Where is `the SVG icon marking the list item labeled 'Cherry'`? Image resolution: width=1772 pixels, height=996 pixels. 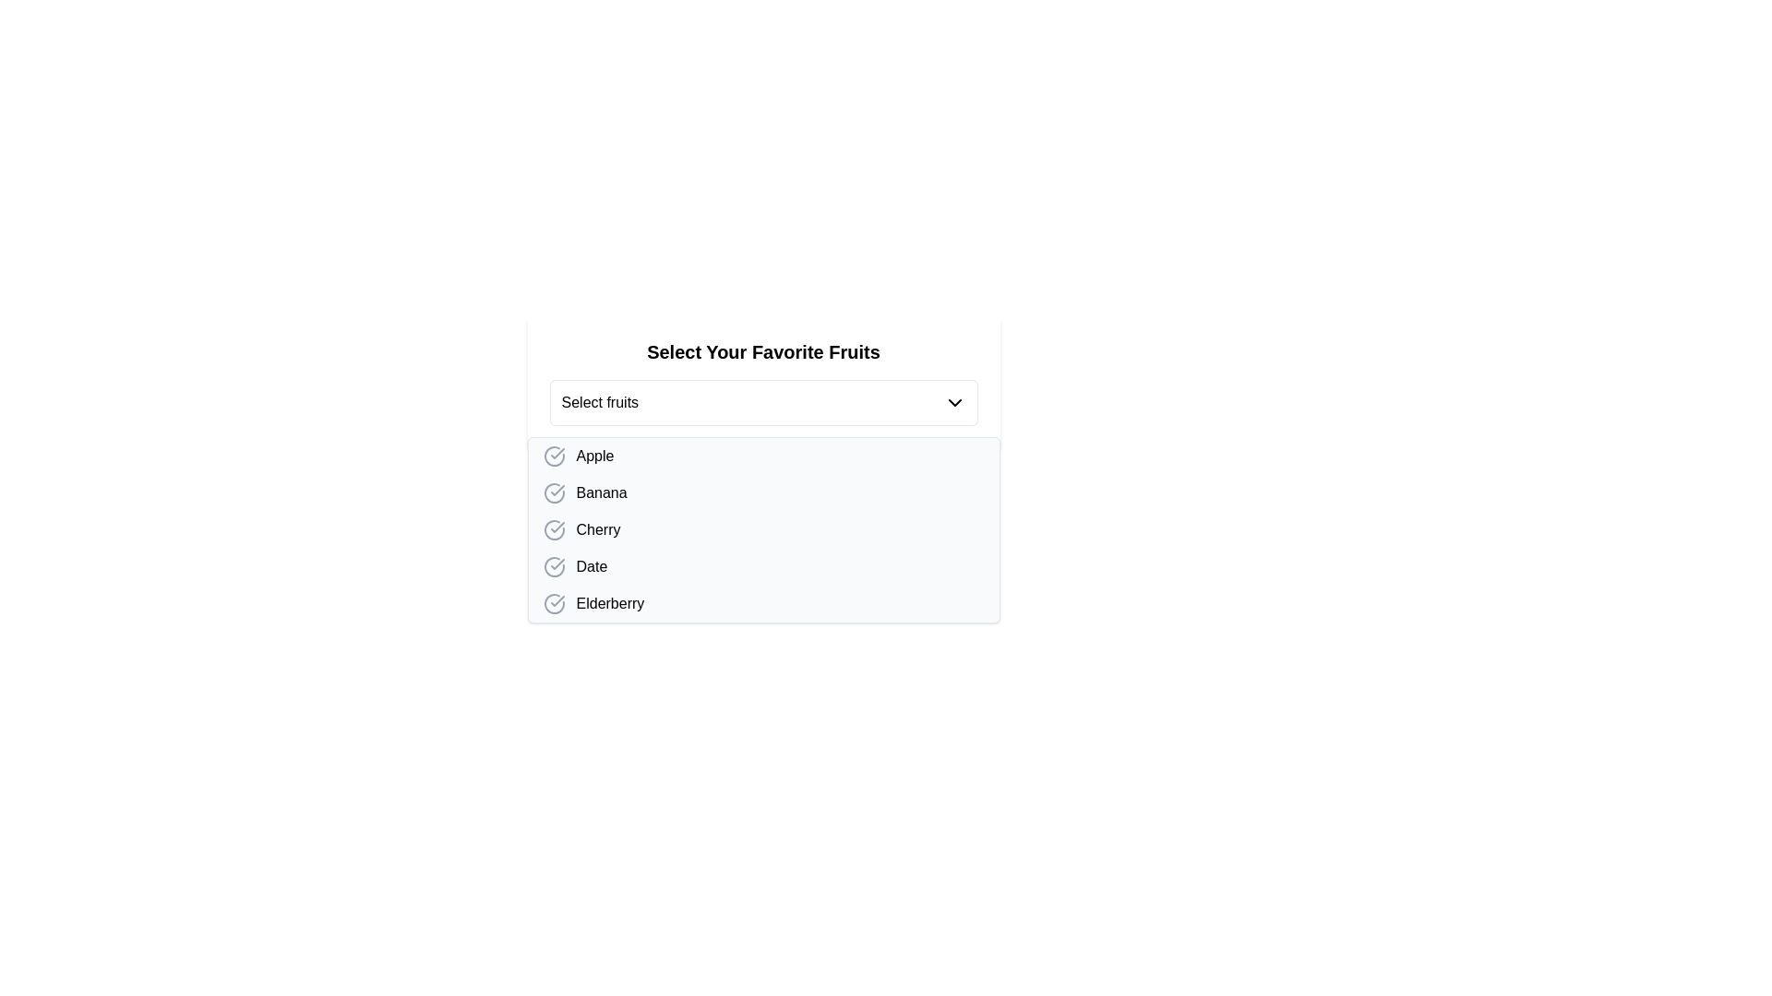 the SVG icon marking the list item labeled 'Cherry' is located at coordinates (553, 529).